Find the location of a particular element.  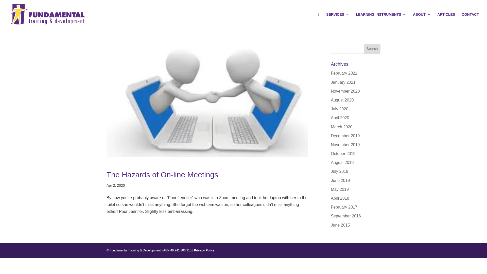

'March 2020' is located at coordinates (342, 127).